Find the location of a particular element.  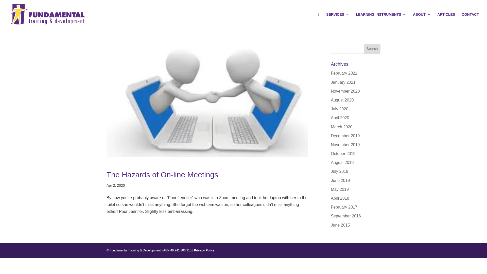

'March 2020' is located at coordinates (342, 127).